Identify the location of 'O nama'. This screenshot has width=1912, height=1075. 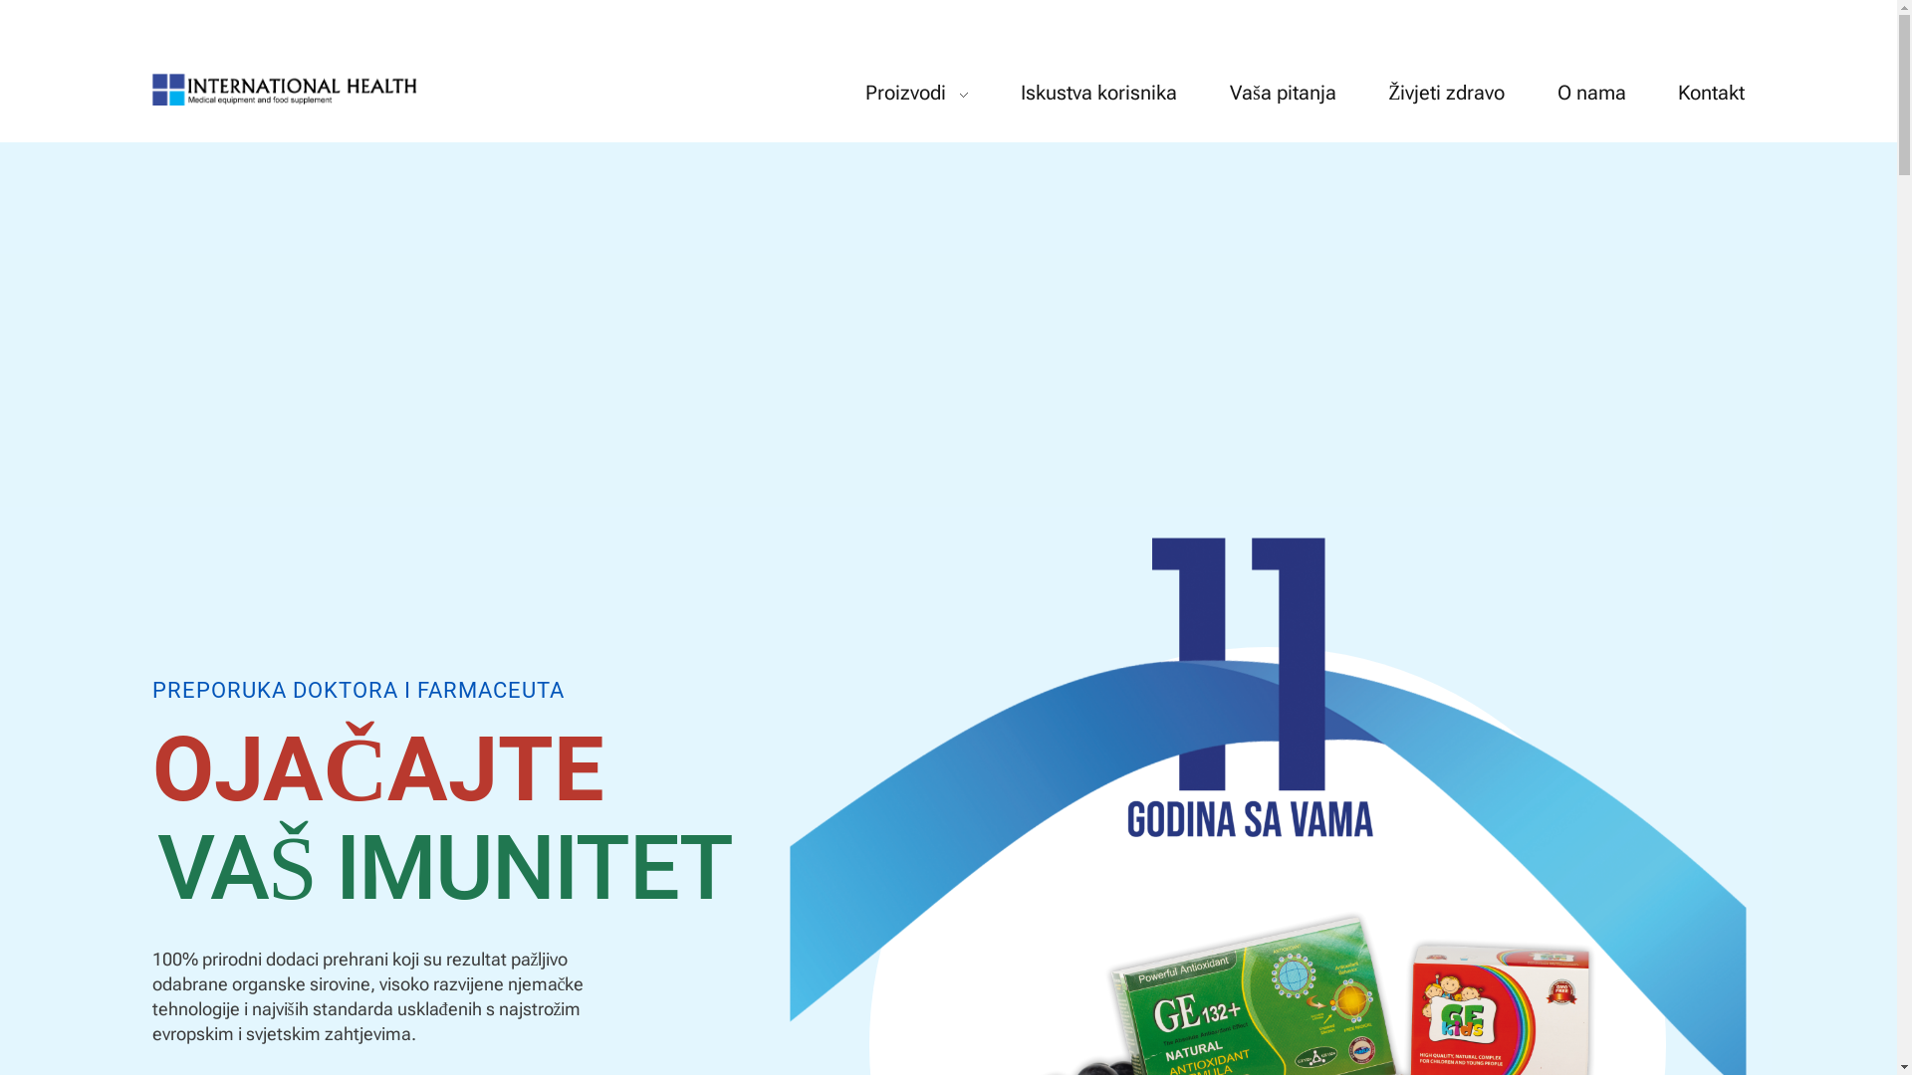
(1590, 92).